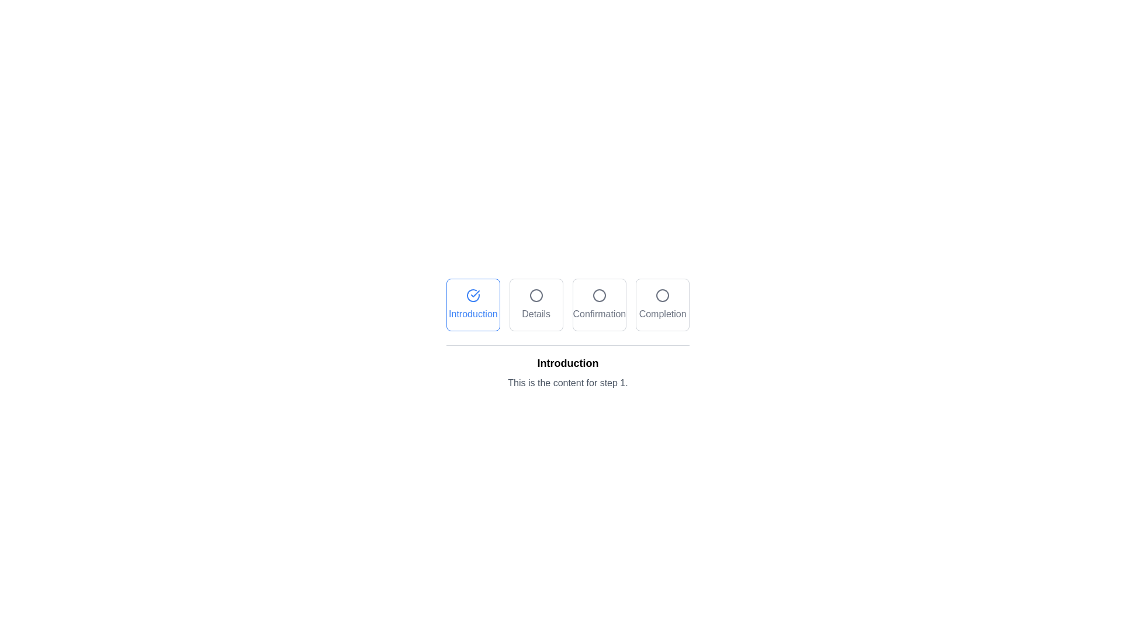 This screenshot has width=1122, height=631. Describe the element at coordinates (662, 304) in the screenshot. I see `the interactive step indicator button, which is the fourth card in a horizontal sequence of four cards, located at the far-right end next to the 'Confirmation' card` at that location.